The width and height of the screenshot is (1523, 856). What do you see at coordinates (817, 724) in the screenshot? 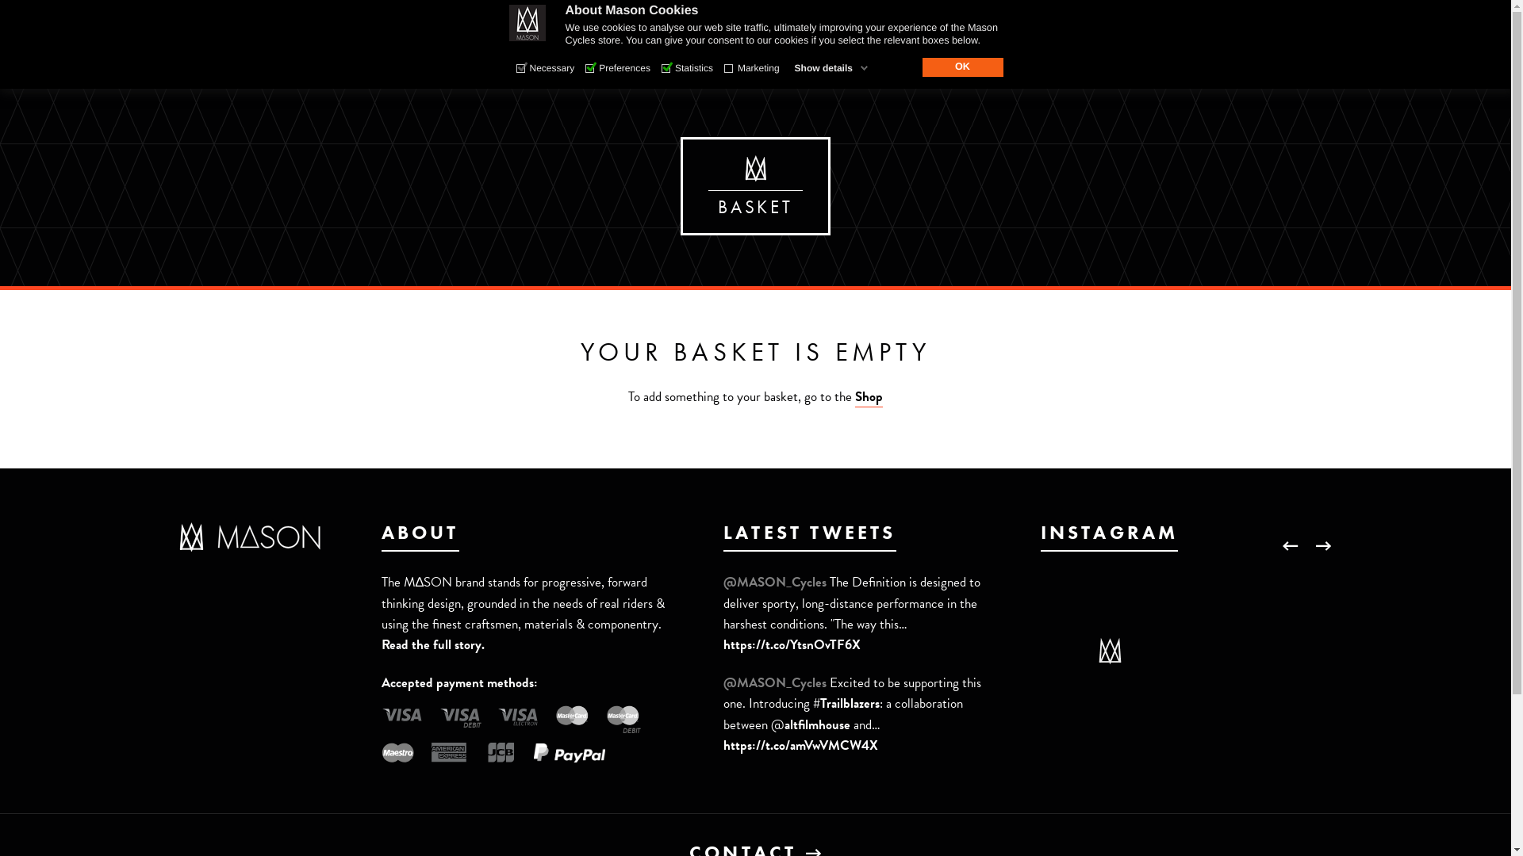
I see `'altfilmhouse'` at bounding box center [817, 724].